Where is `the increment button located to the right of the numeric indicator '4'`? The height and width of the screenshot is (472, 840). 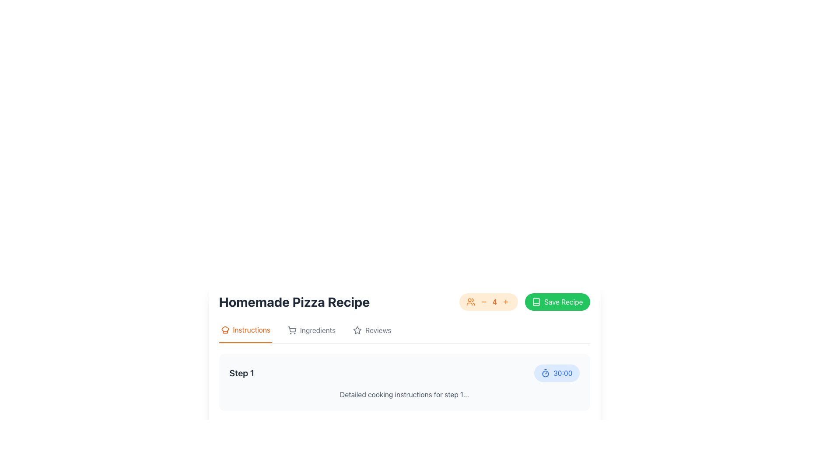 the increment button located to the right of the numeric indicator '4' is located at coordinates (506, 301).